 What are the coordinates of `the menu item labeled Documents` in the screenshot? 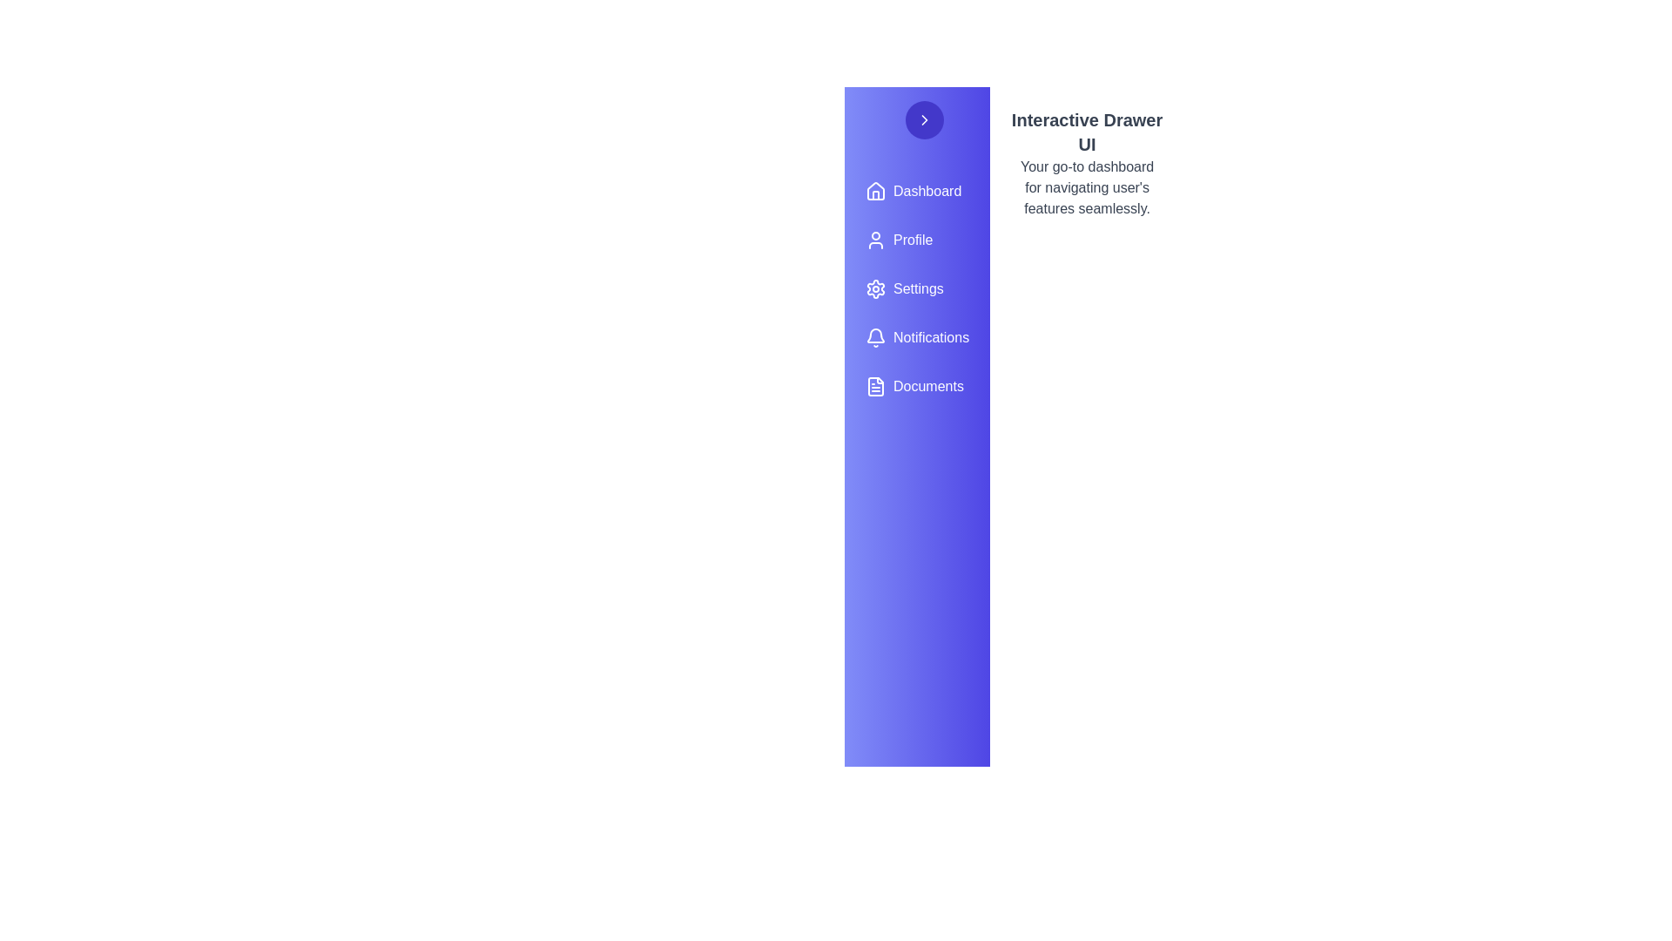 It's located at (916, 385).